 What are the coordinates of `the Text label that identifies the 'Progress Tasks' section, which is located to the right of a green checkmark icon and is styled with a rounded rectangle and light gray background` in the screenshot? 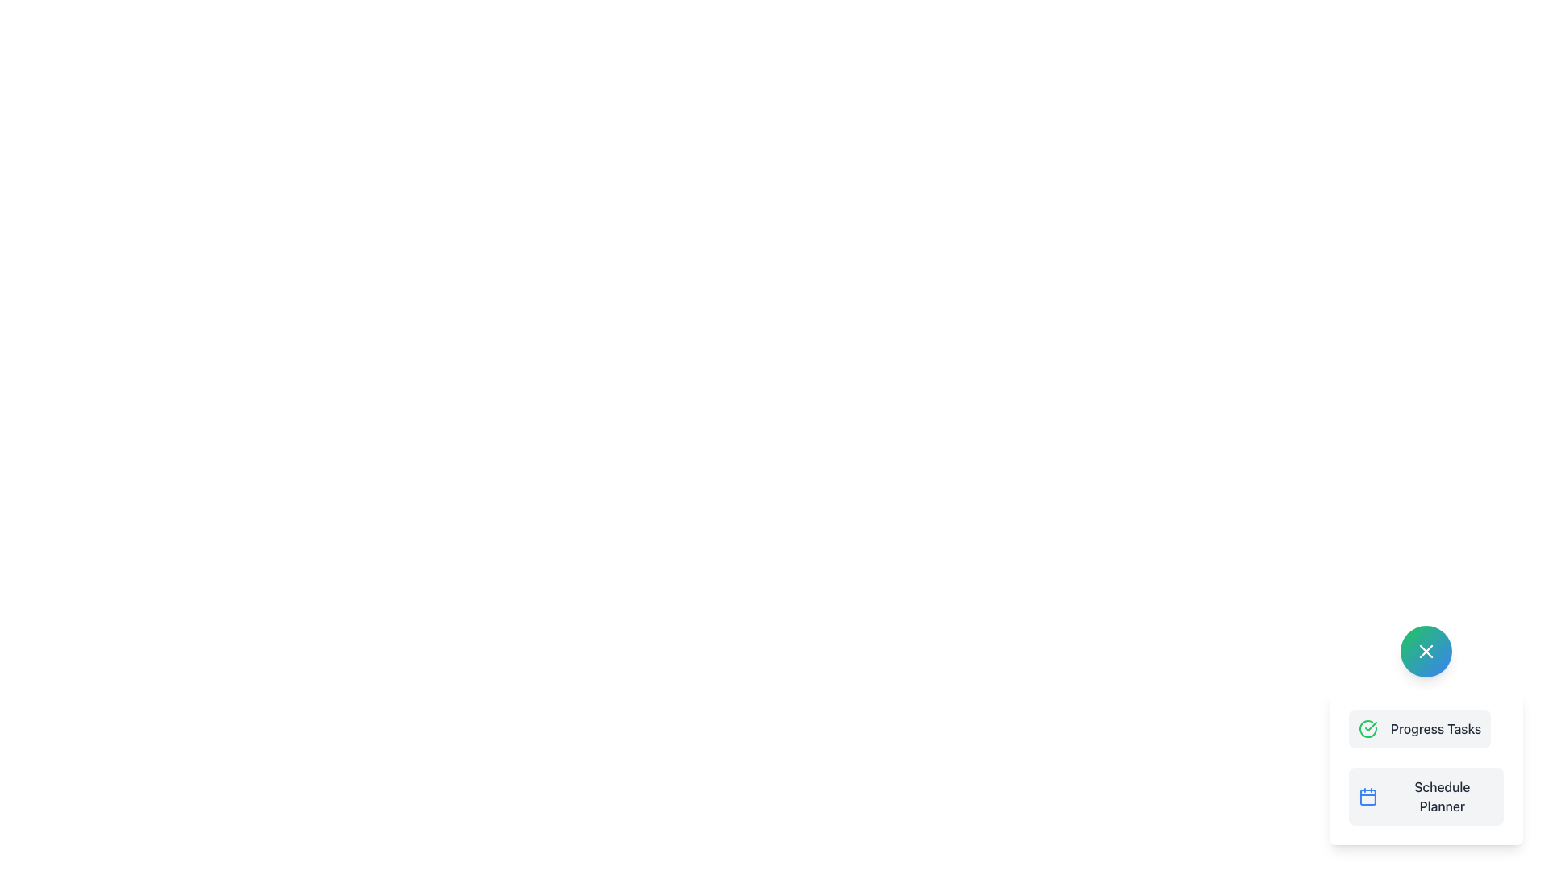 It's located at (1436, 728).